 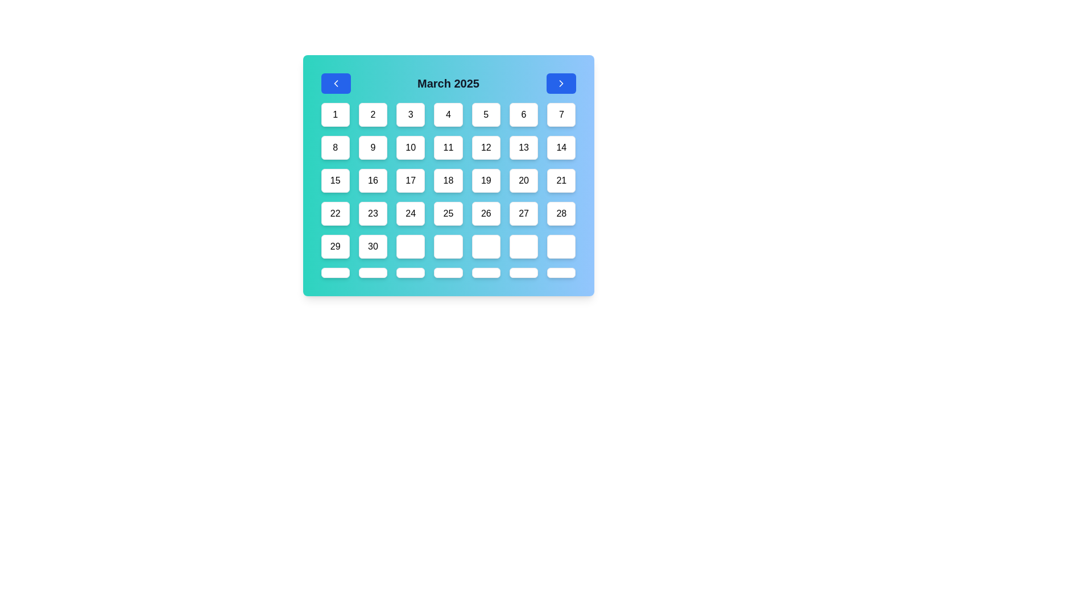 I want to click on the small rectangular Grid Cell with a white background, rounded corners, and a subtle shadow effect located in the bottom-most row of the grid, sixth column from the left, so click(x=523, y=272).